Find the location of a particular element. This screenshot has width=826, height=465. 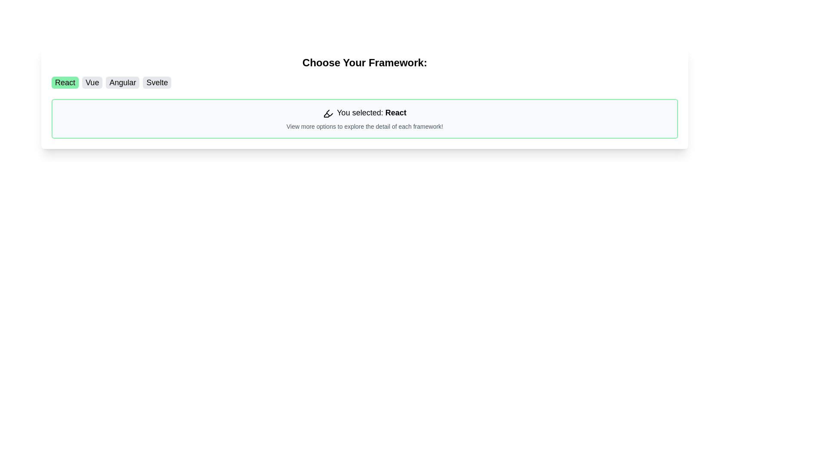

the Text Label displaying 'View more options is located at coordinates (365, 126).